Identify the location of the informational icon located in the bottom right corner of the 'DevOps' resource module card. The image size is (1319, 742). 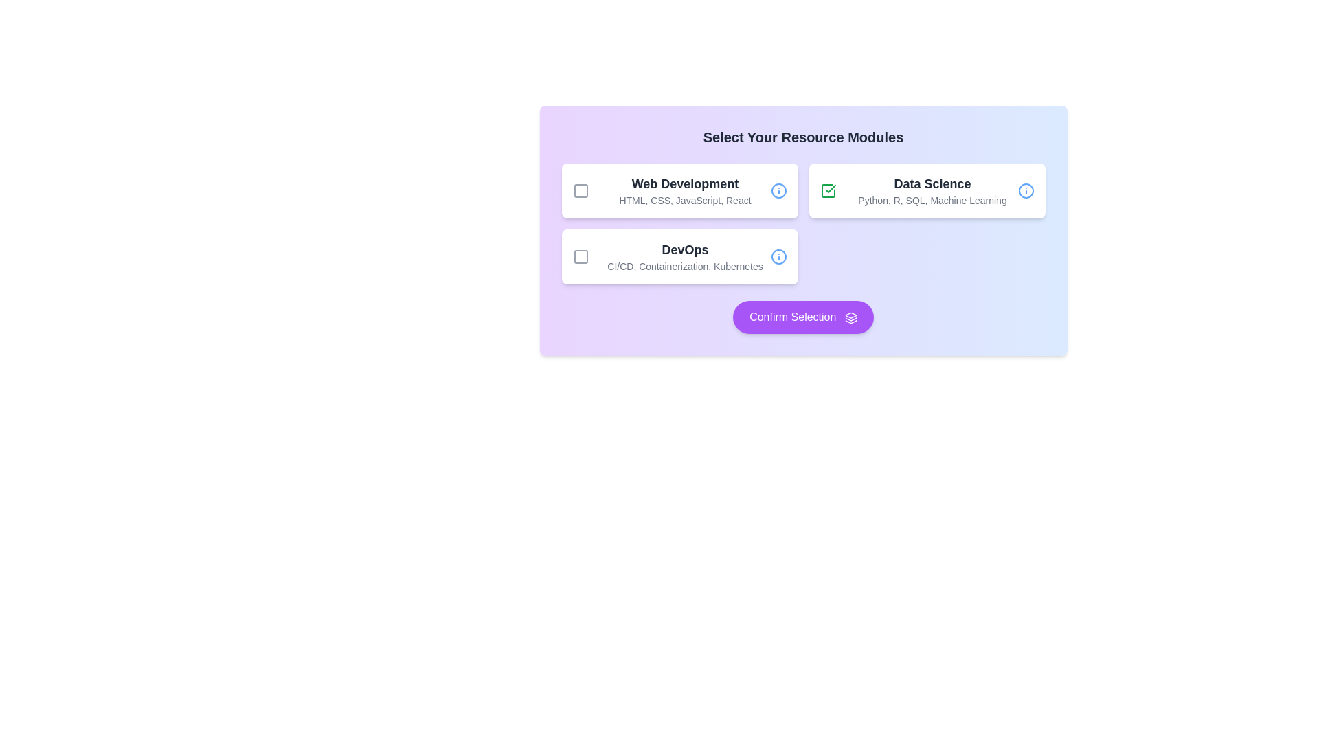
(778, 257).